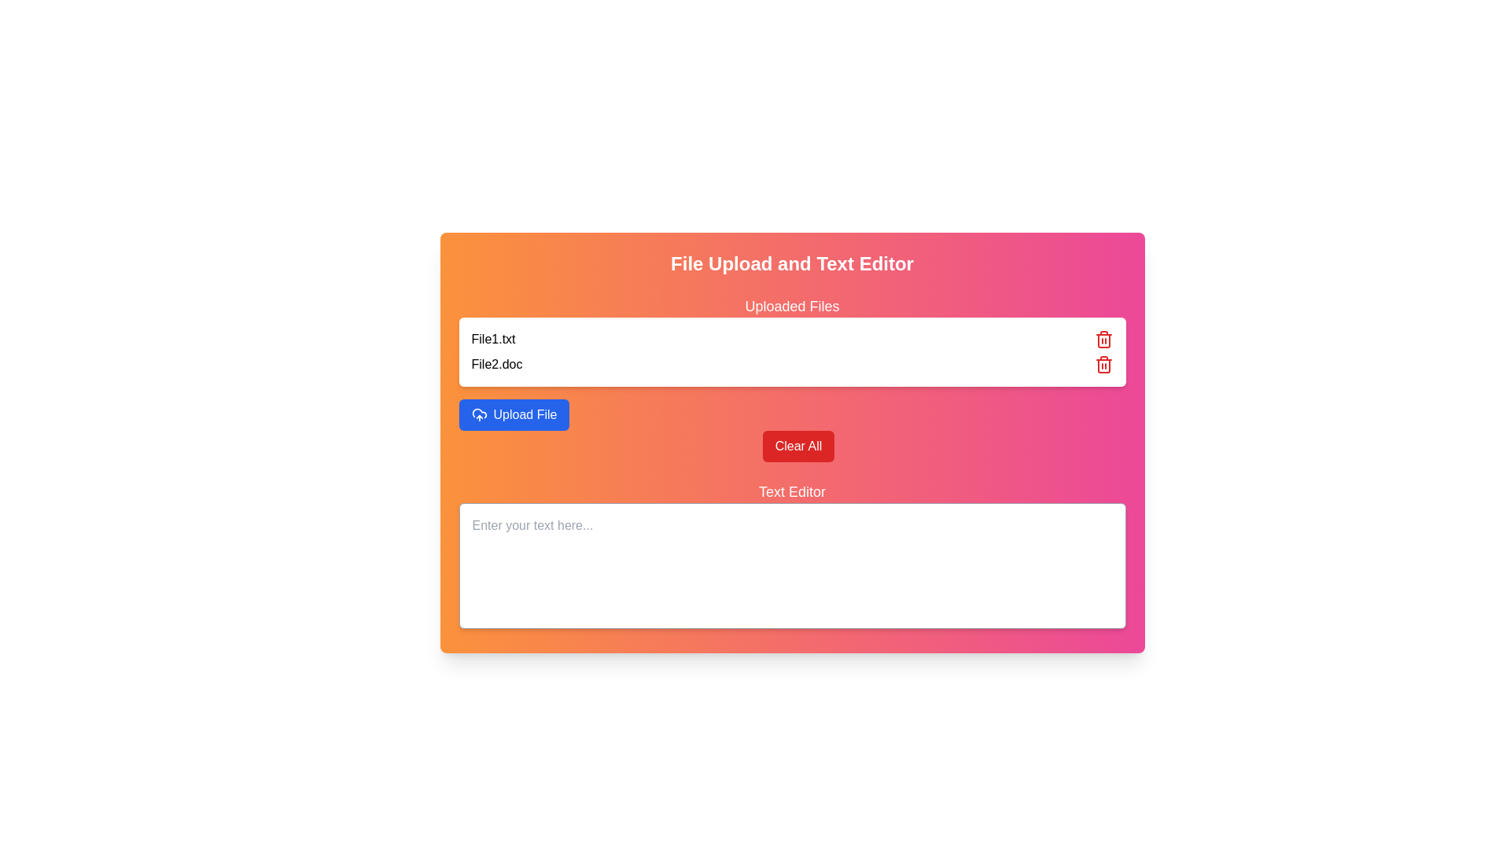  I want to click on the blue 'Upload File' button with a cloud icon and white text, so click(514, 414).